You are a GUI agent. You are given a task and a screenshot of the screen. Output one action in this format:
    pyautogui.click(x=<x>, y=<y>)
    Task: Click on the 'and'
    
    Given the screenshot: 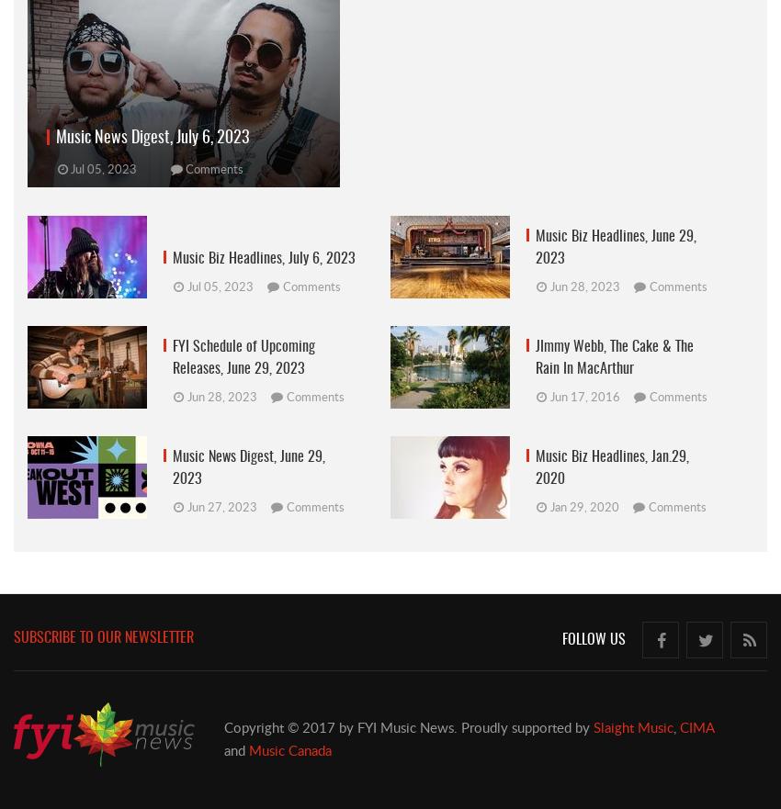 What is the action you would take?
    pyautogui.click(x=234, y=747)
    